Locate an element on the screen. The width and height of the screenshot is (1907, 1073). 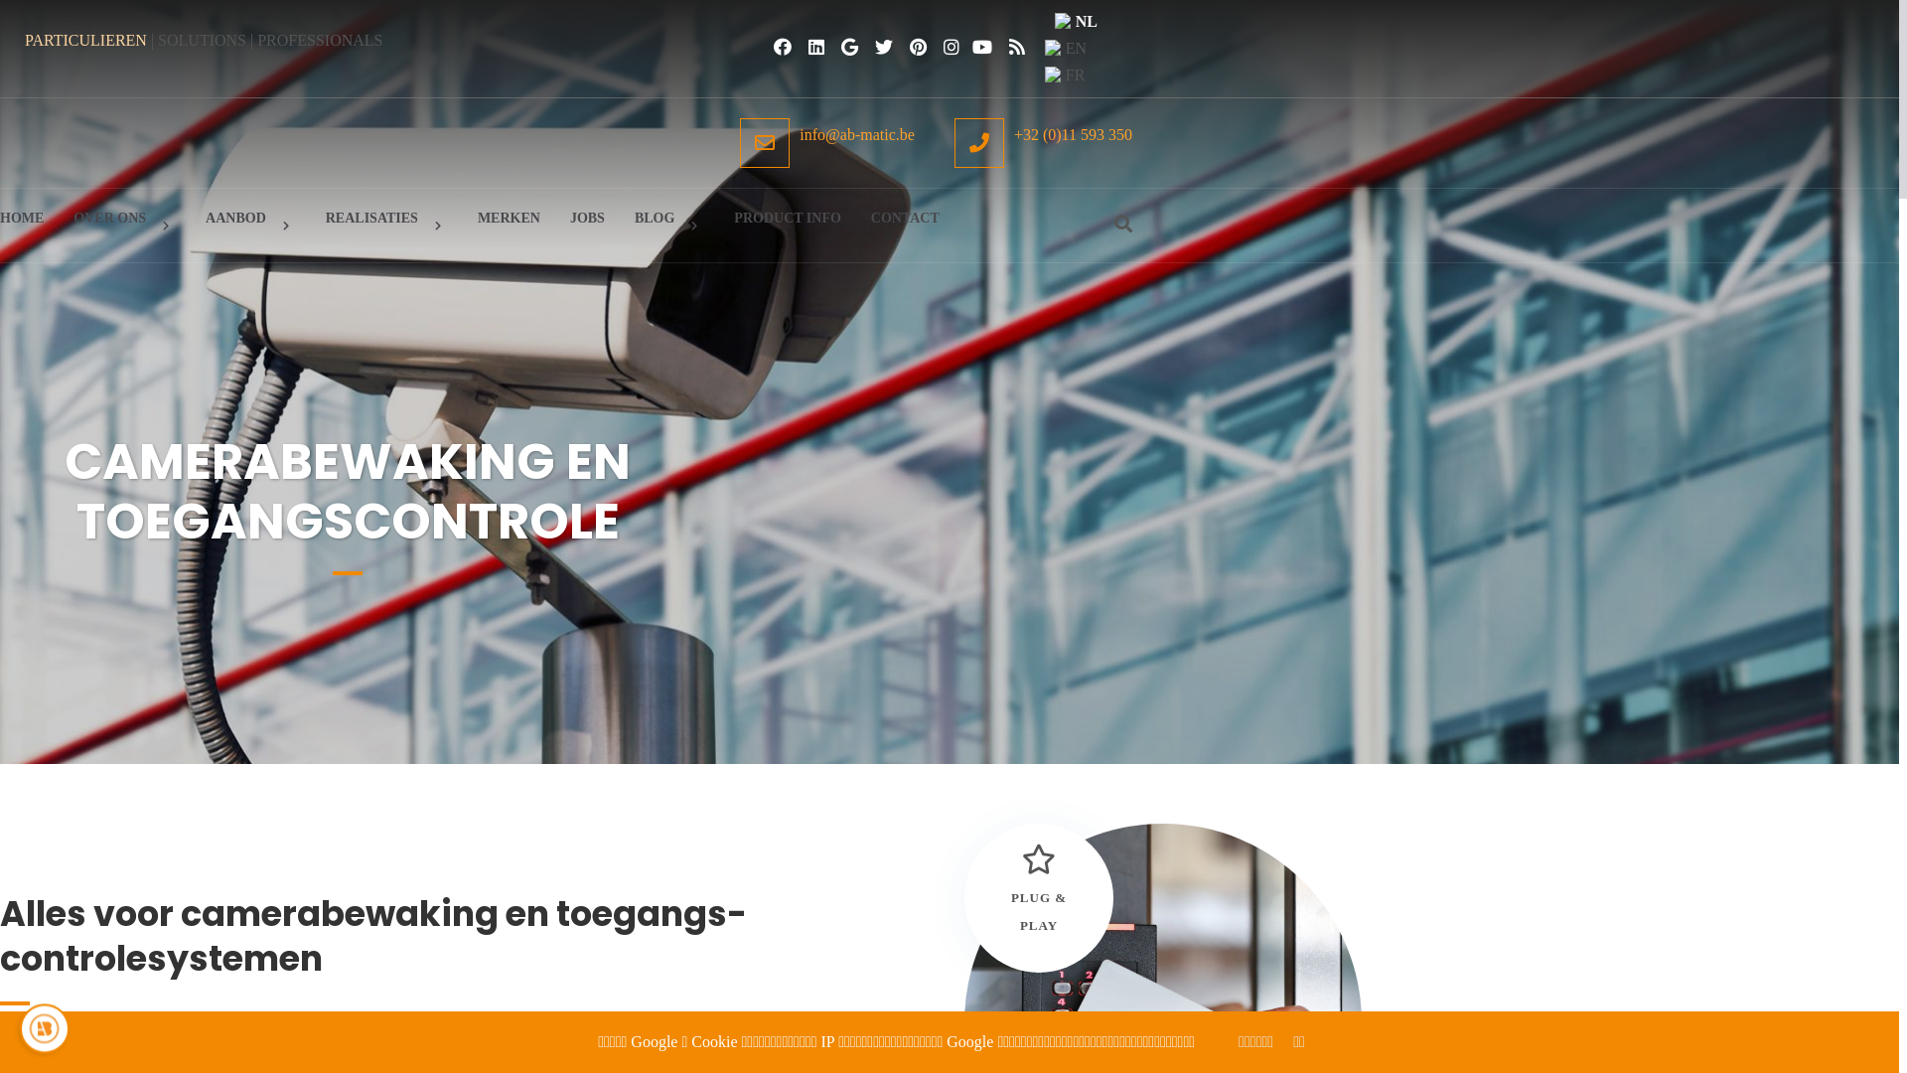
'JOBS' is located at coordinates (586, 218).